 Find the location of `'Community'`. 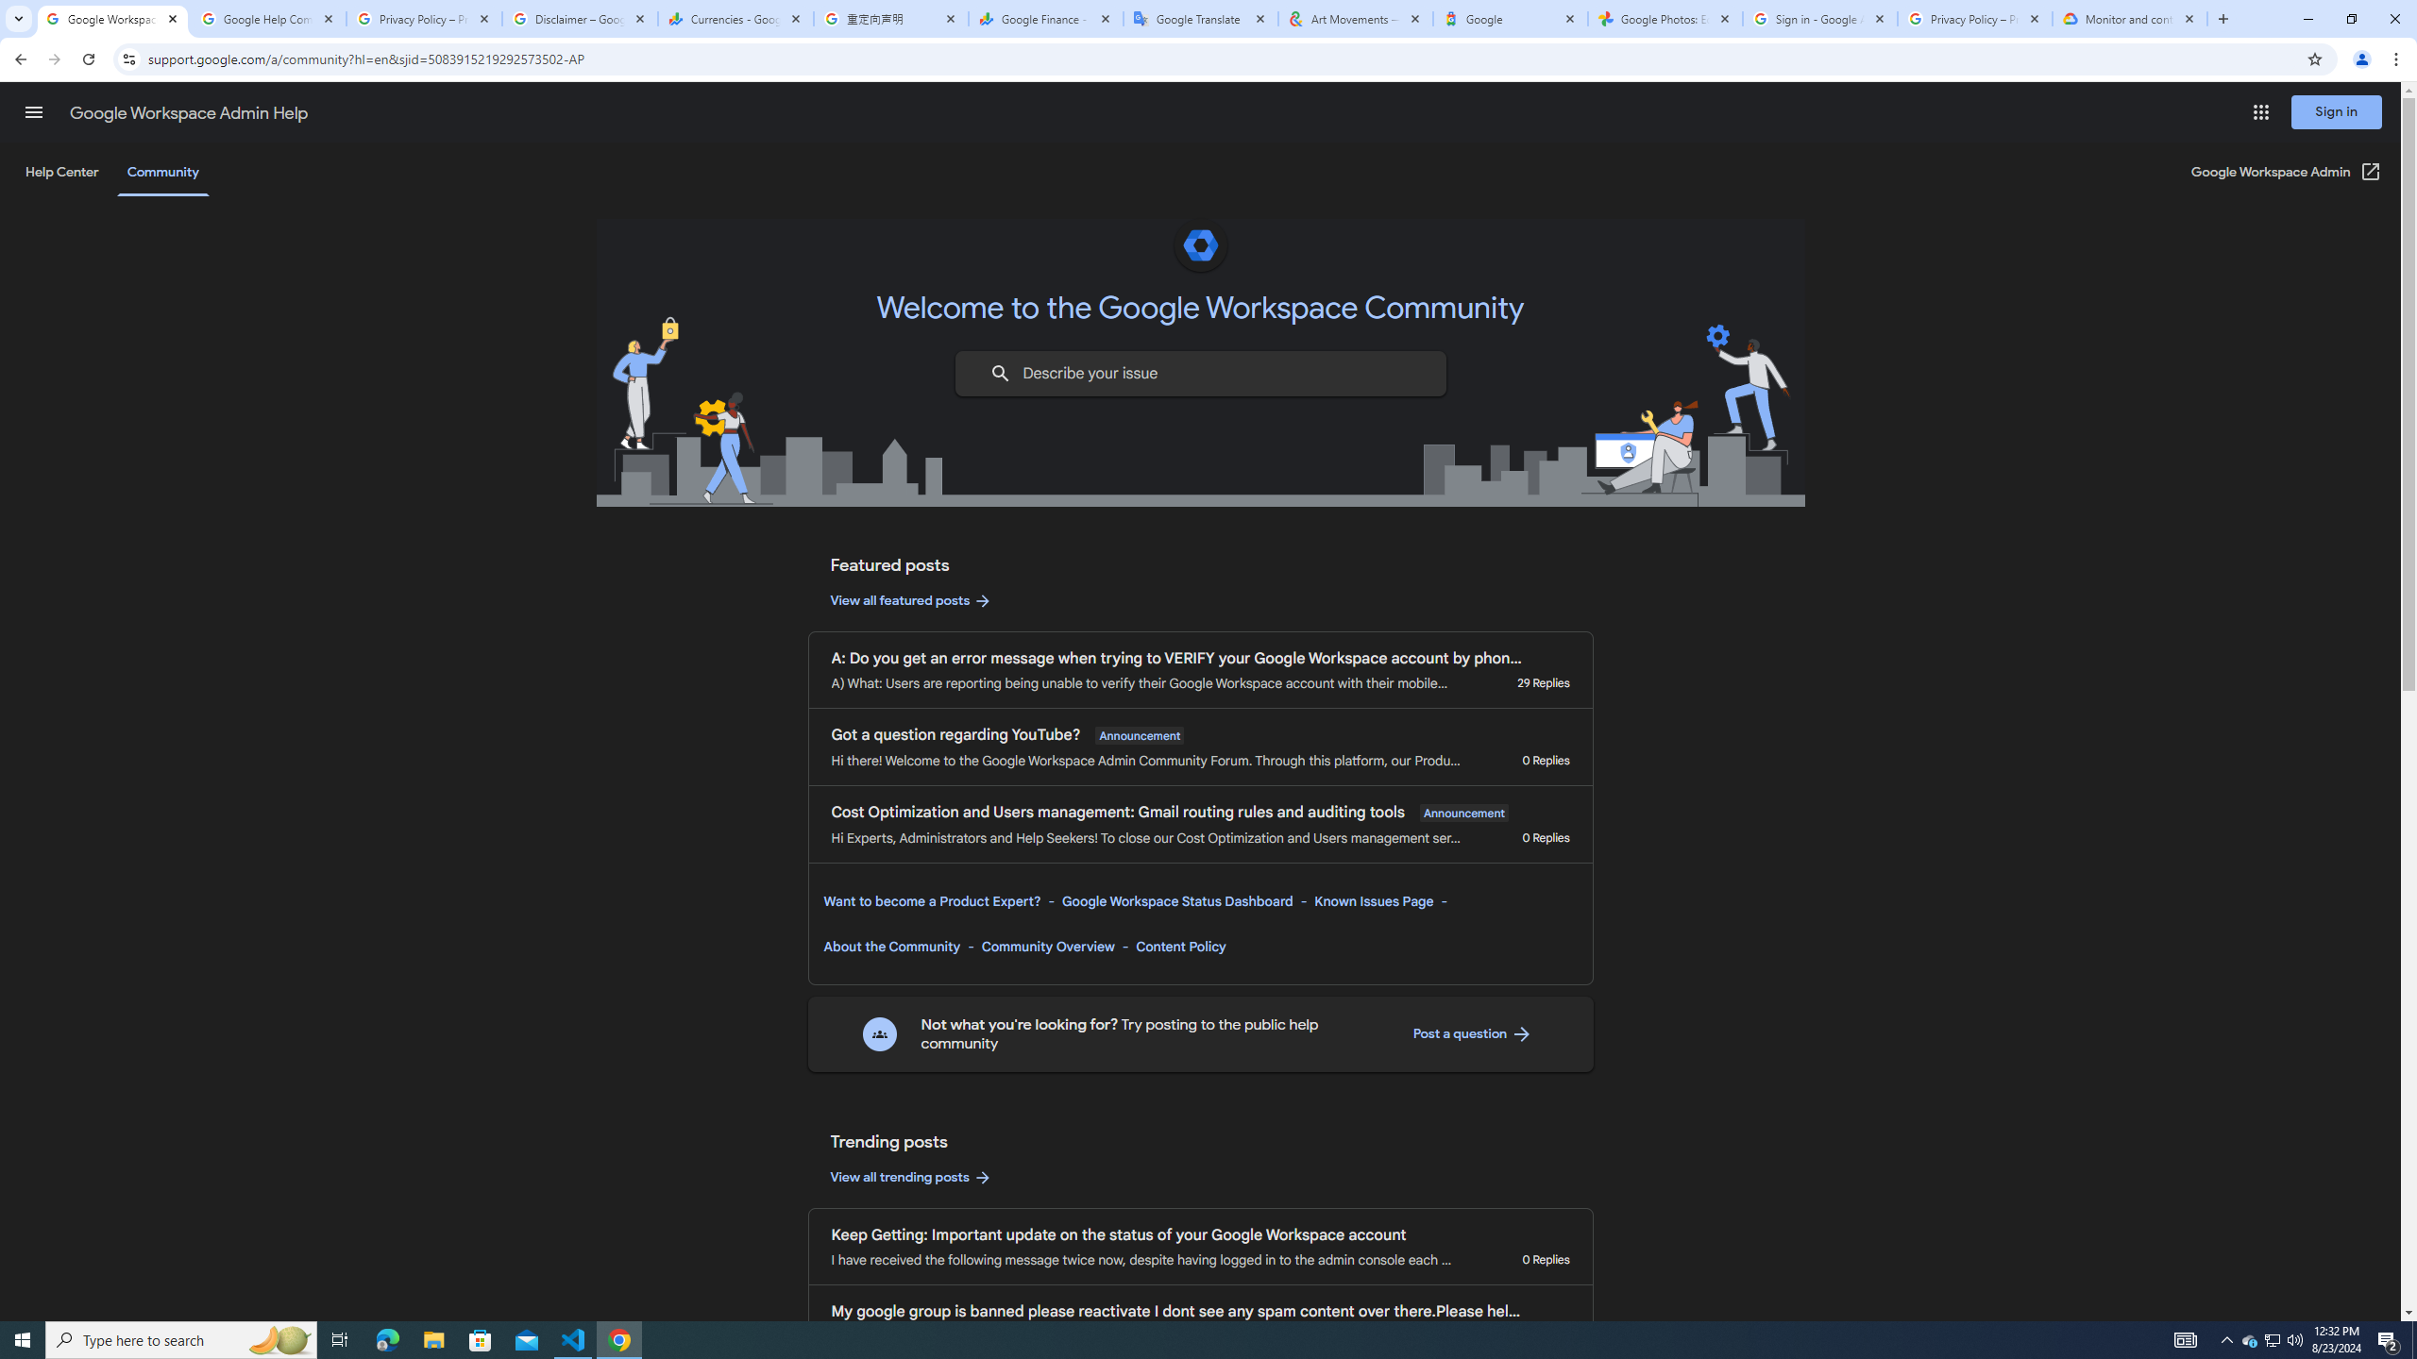

'Community' is located at coordinates (161, 171).